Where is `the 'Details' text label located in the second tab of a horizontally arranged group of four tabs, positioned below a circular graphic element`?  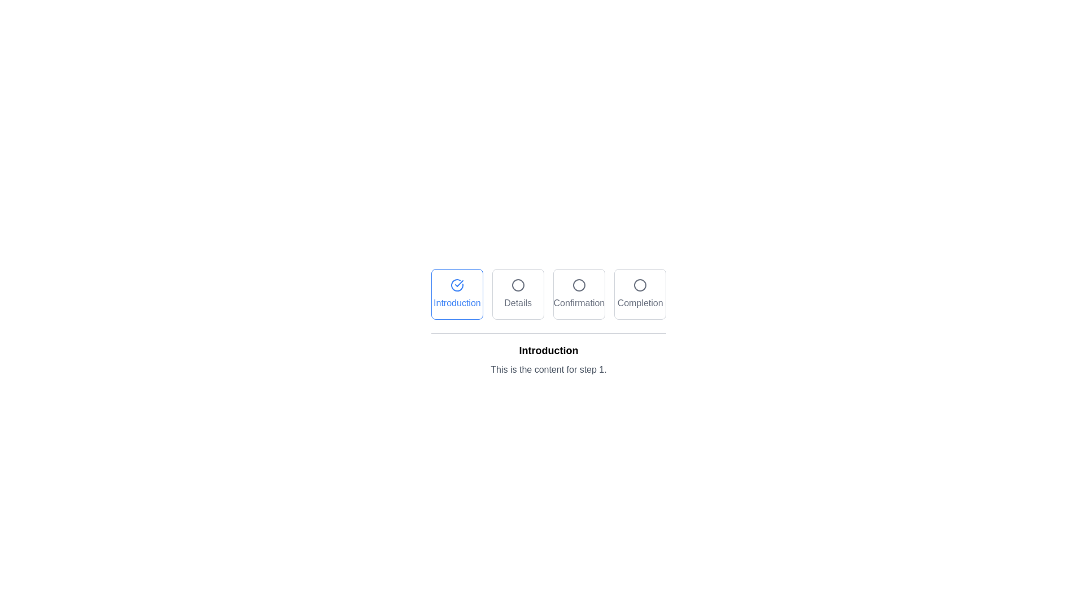
the 'Details' text label located in the second tab of a horizontally arranged group of four tabs, positioned below a circular graphic element is located at coordinates (517, 302).